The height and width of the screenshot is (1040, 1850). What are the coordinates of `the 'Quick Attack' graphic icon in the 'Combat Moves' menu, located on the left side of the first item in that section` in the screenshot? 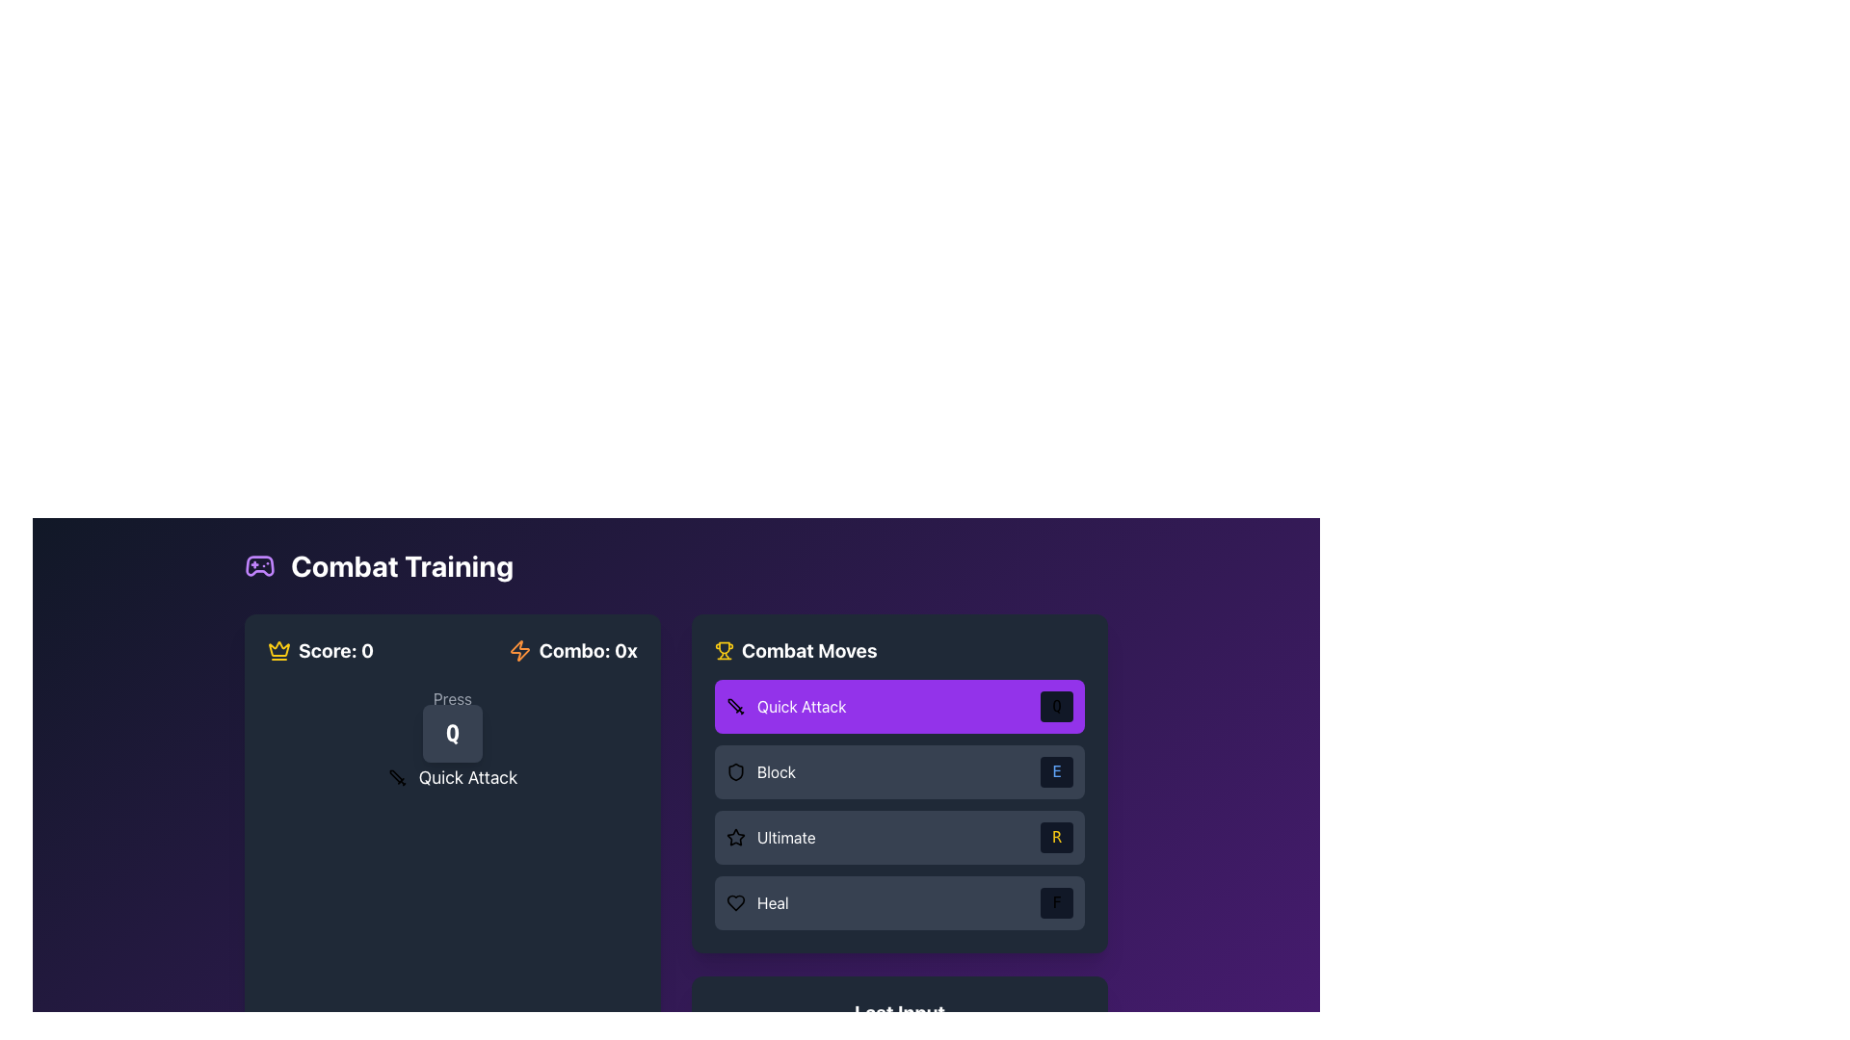 It's located at (734, 706).